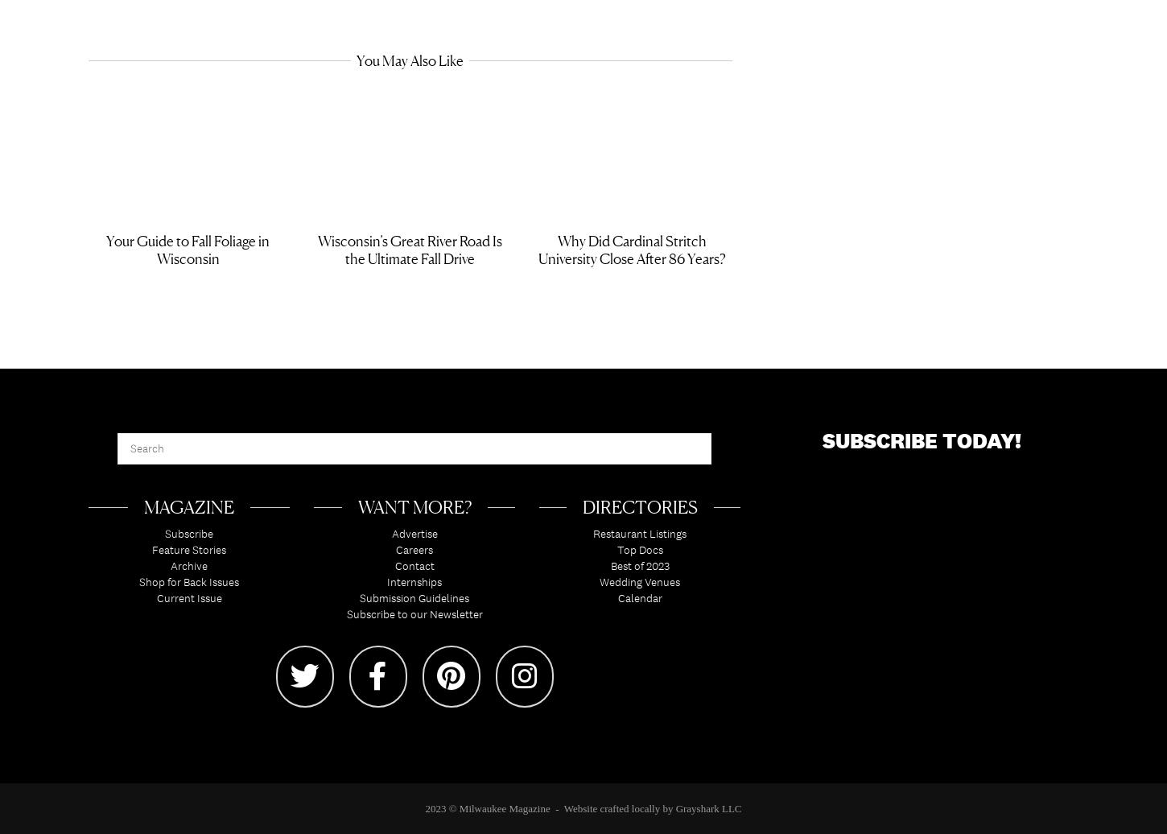 Image resolution: width=1167 pixels, height=834 pixels. What do you see at coordinates (138, 587) in the screenshot?
I see `'Shop for Back Issues'` at bounding box center [138, 587].